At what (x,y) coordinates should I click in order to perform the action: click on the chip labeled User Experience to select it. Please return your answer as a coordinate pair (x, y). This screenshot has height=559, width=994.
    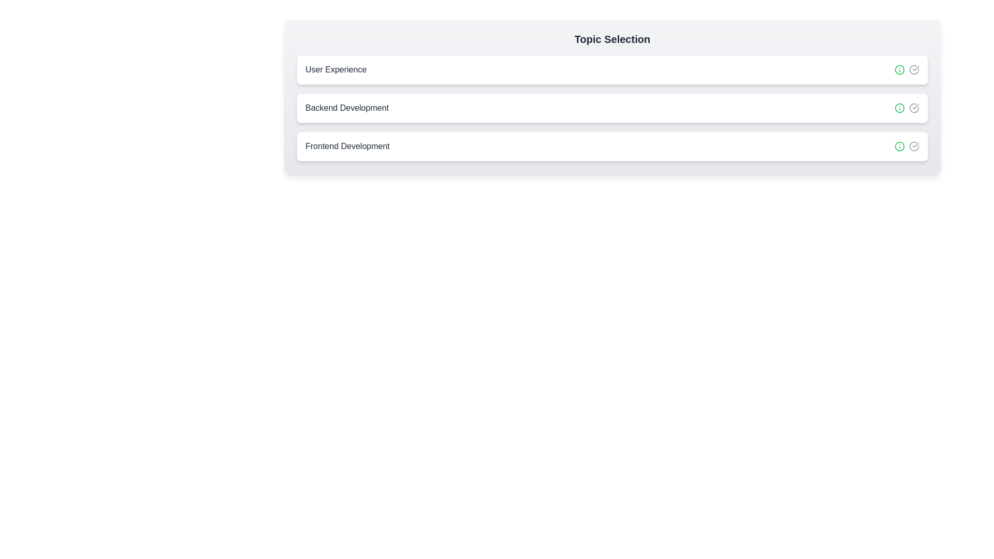
    Looking at the image, I should click on (612, 70).